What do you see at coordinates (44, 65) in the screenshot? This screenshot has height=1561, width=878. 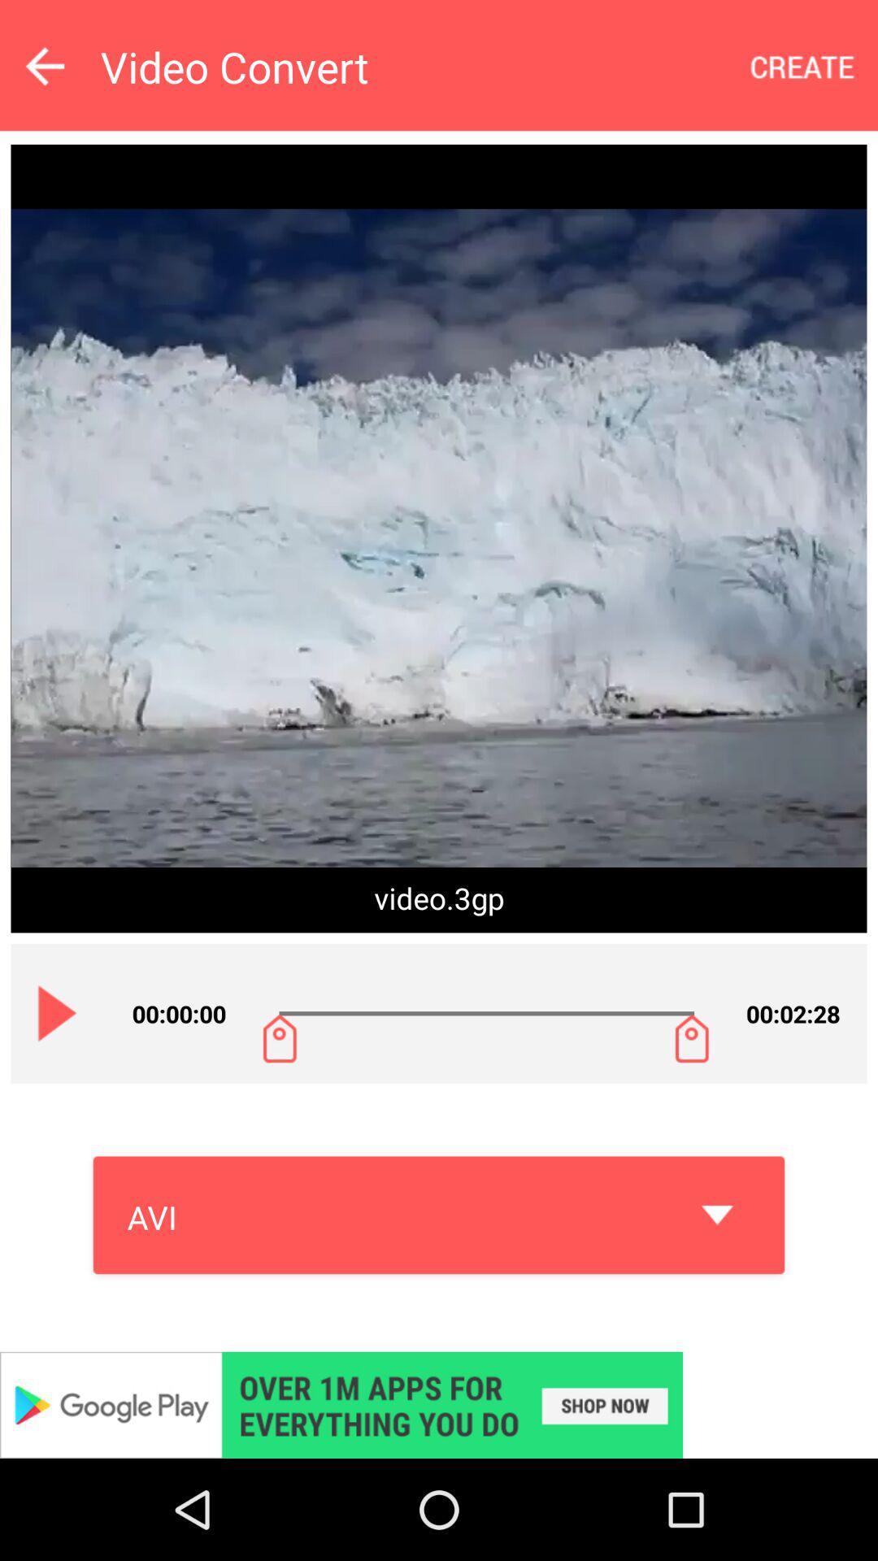 I see `previous` at bounding box center [44, 65].